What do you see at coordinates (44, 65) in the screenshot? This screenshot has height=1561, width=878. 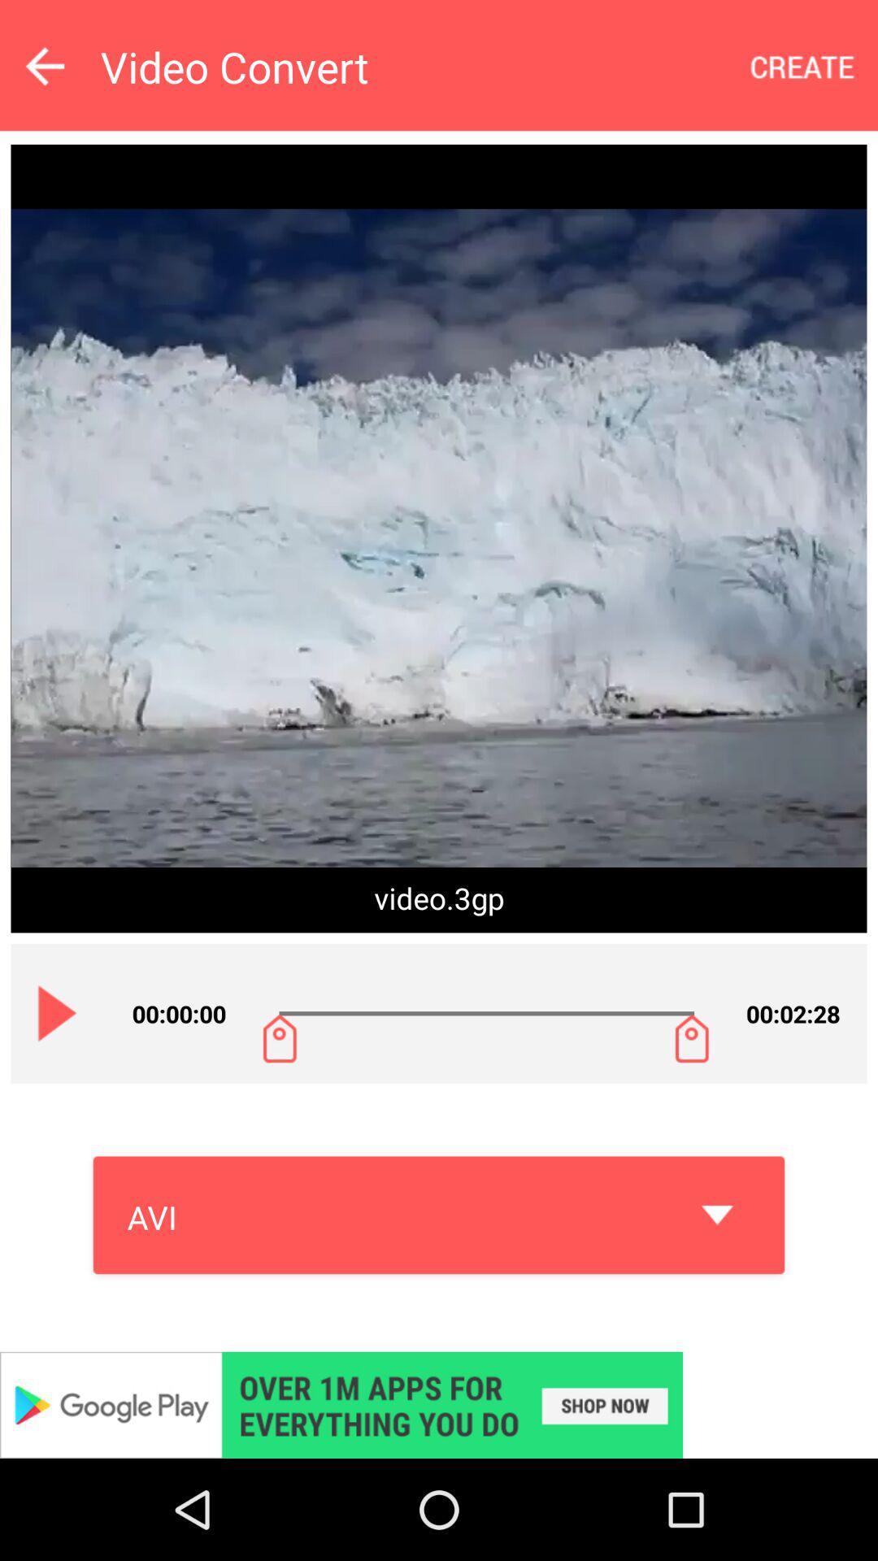 I see `previous` at bounding box center [44, 65].